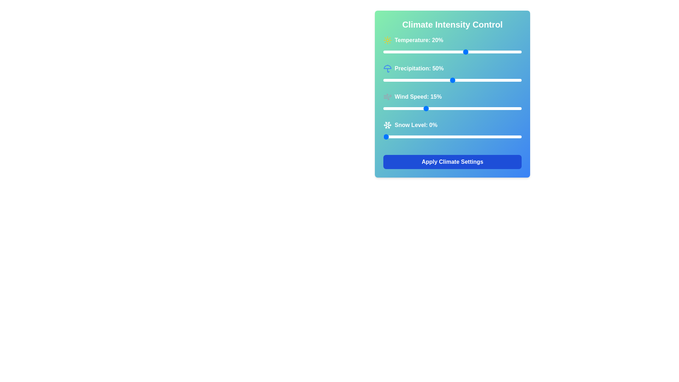 This screenshot has width=679, height=382. Describe the element at coordinates (415, 137) in the screenshot. I see `the snow level` at that location.